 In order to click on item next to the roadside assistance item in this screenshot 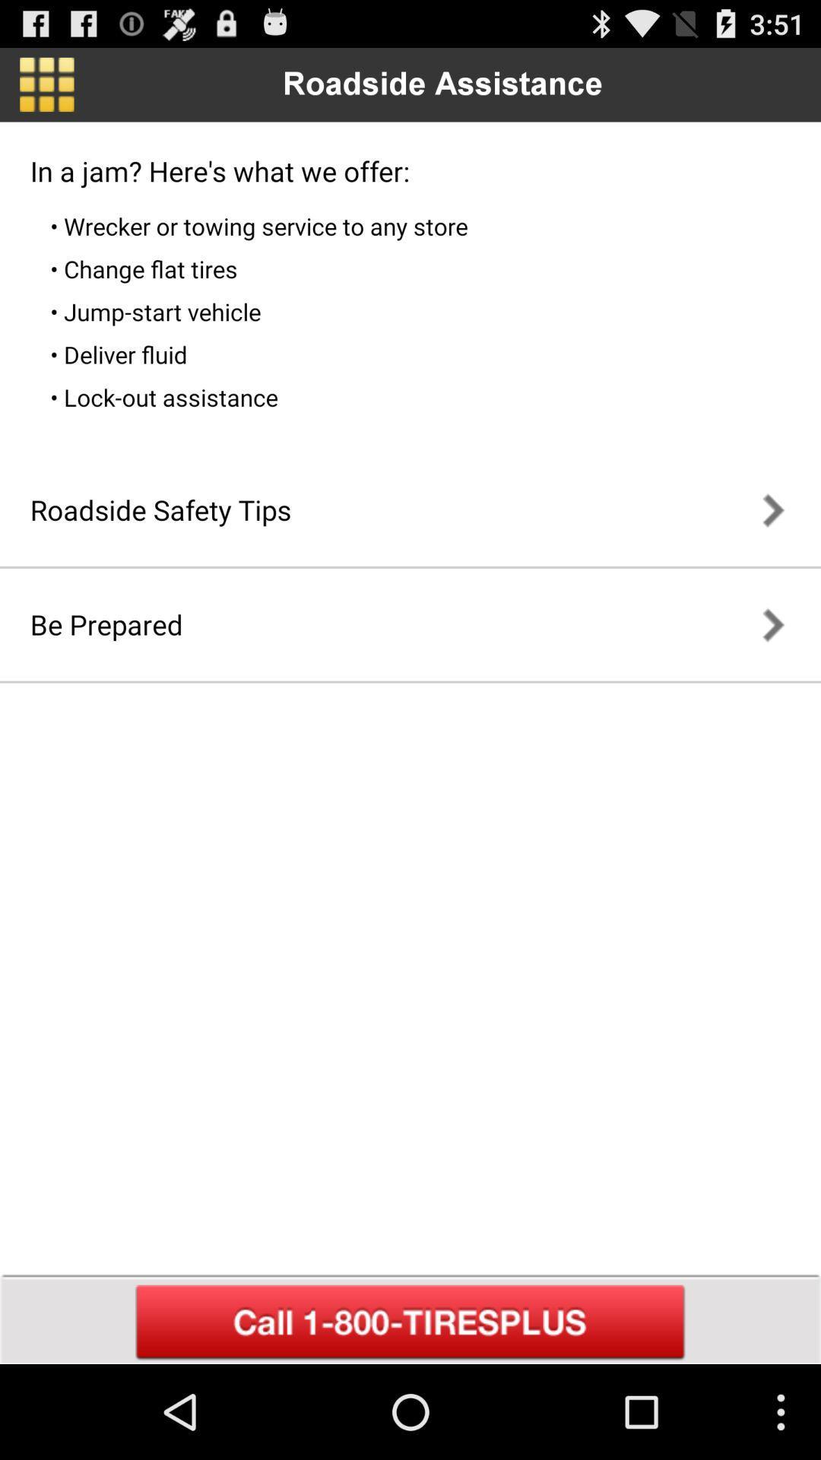, I will do `click(46, 84)`.